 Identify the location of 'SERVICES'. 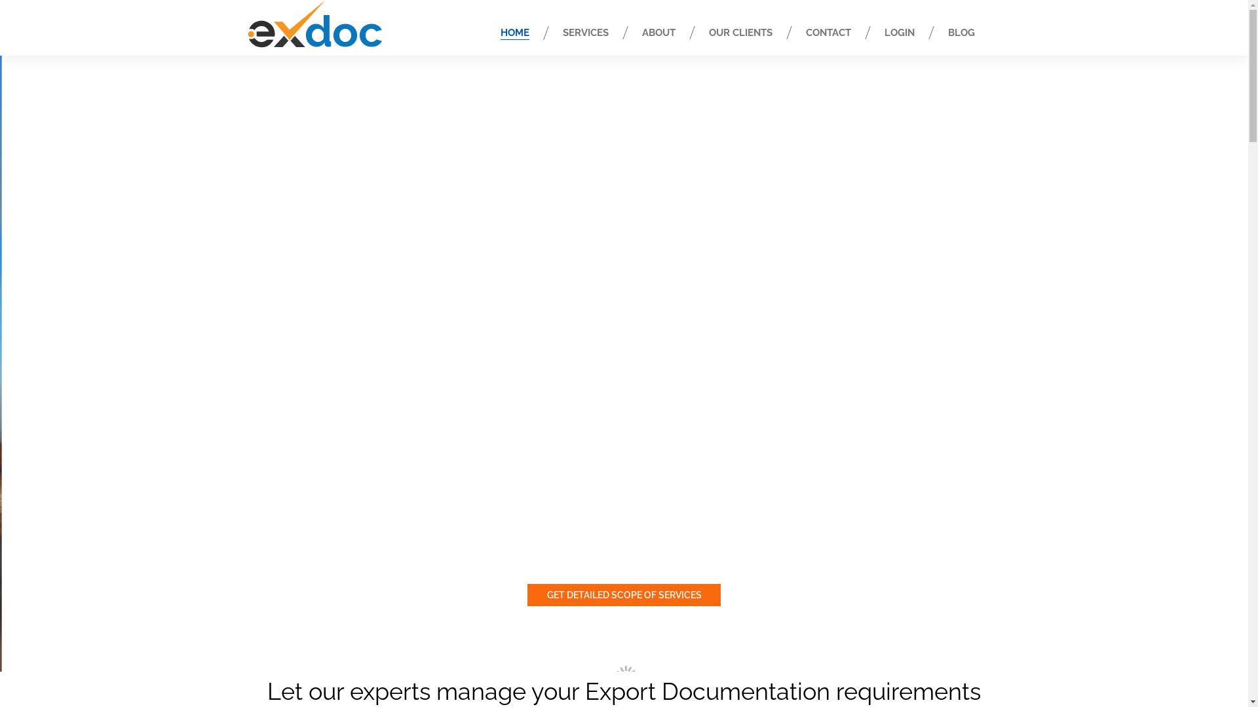
(584, 32).